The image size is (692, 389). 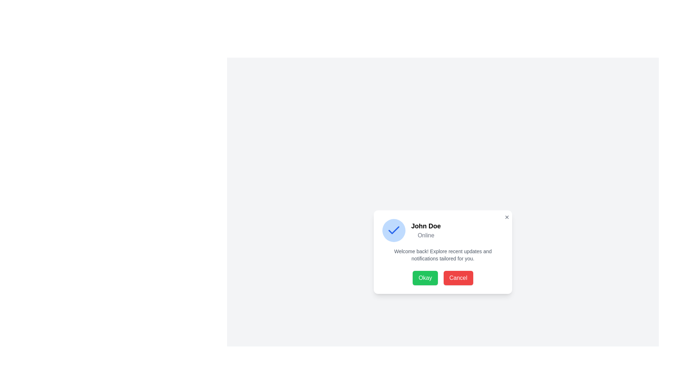 What do you see at coordinates (506, 217) in the screenshot?
I see `the close button in the top-right corner of the dialog box to observe style changes` at bounding box center [506, 217].